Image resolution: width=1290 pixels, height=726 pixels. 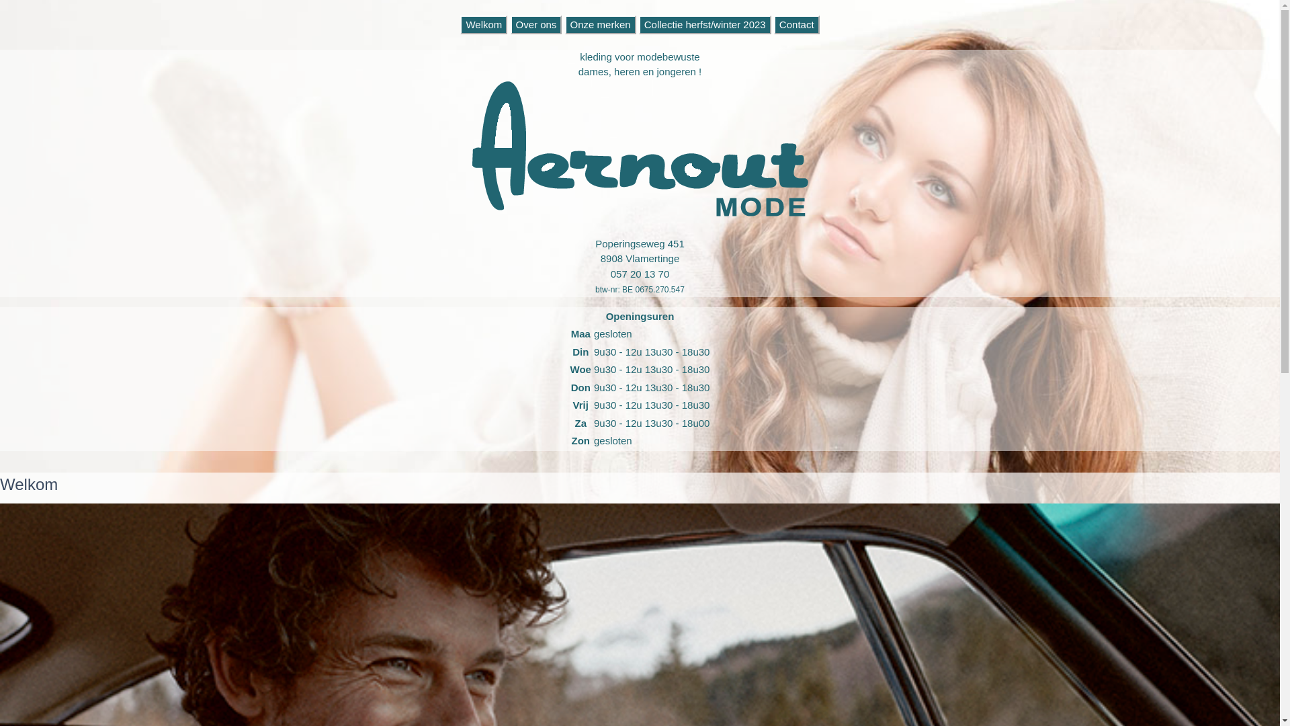 I want to click on 'Collectie herfst/winter 2023', so click(x=638, y=24).